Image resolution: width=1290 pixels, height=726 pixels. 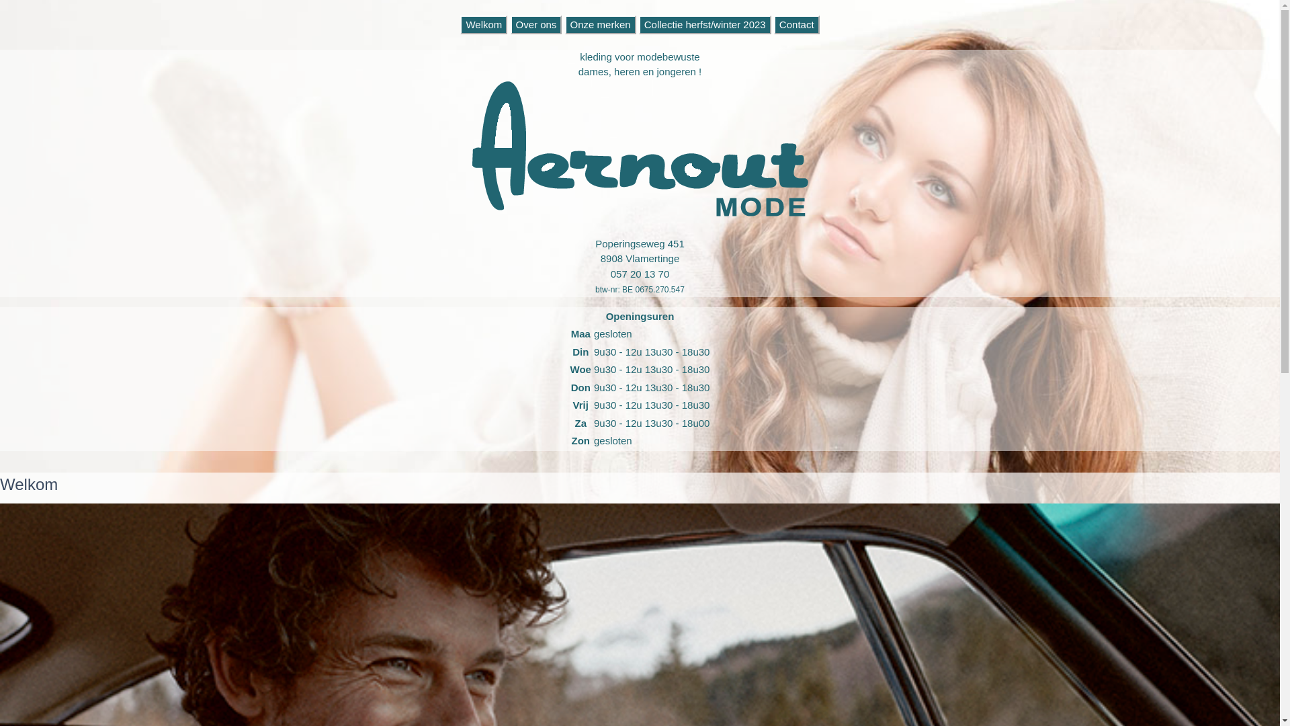 I want to click on 'Collectie herfst/winter 2023', so click(x=638, y=24).